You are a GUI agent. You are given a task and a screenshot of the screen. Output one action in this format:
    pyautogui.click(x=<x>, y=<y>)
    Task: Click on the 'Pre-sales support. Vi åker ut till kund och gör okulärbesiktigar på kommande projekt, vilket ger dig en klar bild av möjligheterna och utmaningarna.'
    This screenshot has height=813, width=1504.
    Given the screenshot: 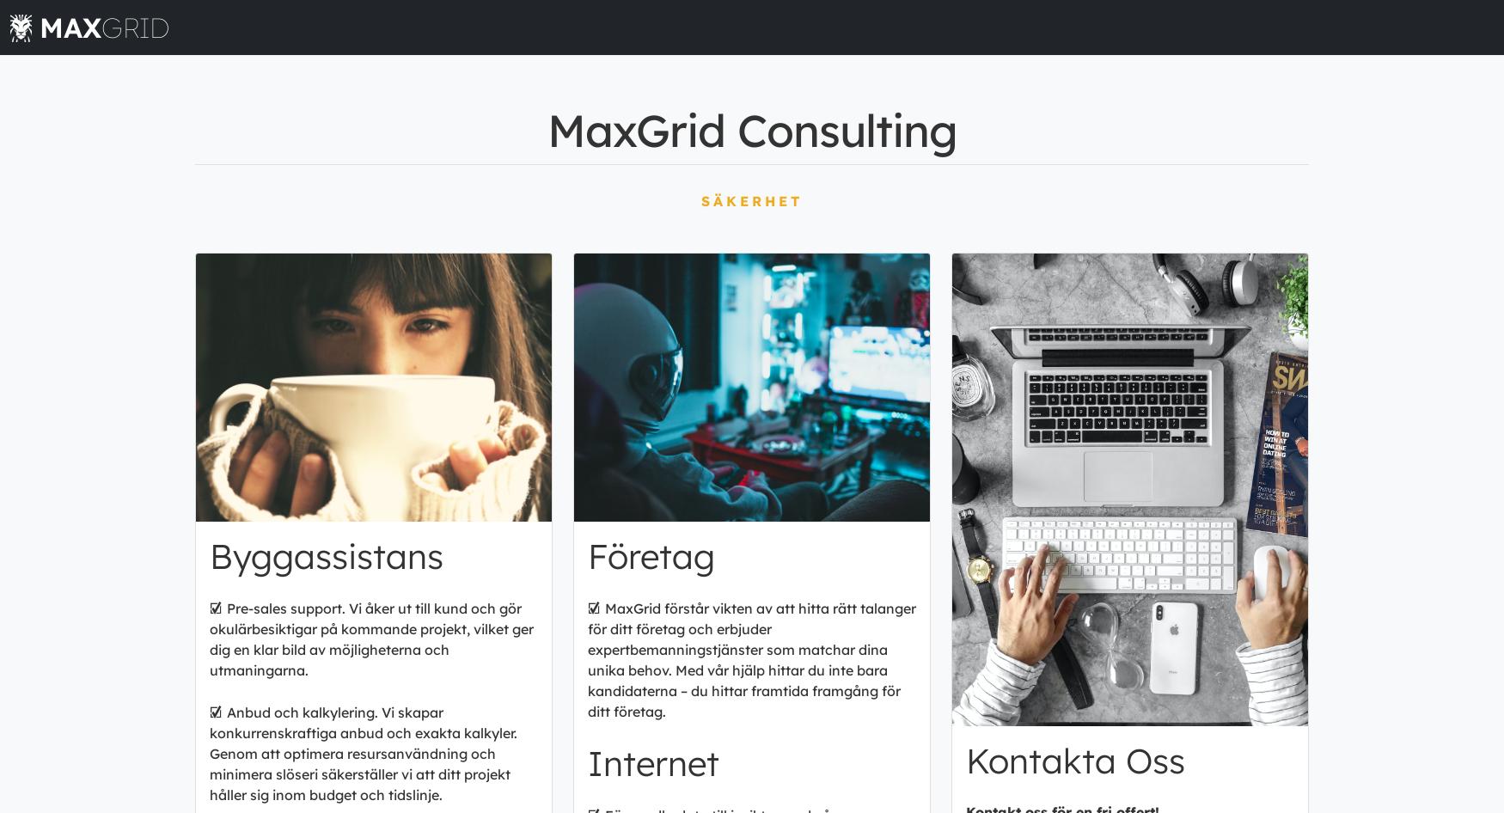 What is the action you would take?
    pyautogui.click(x=370, y=637)
    